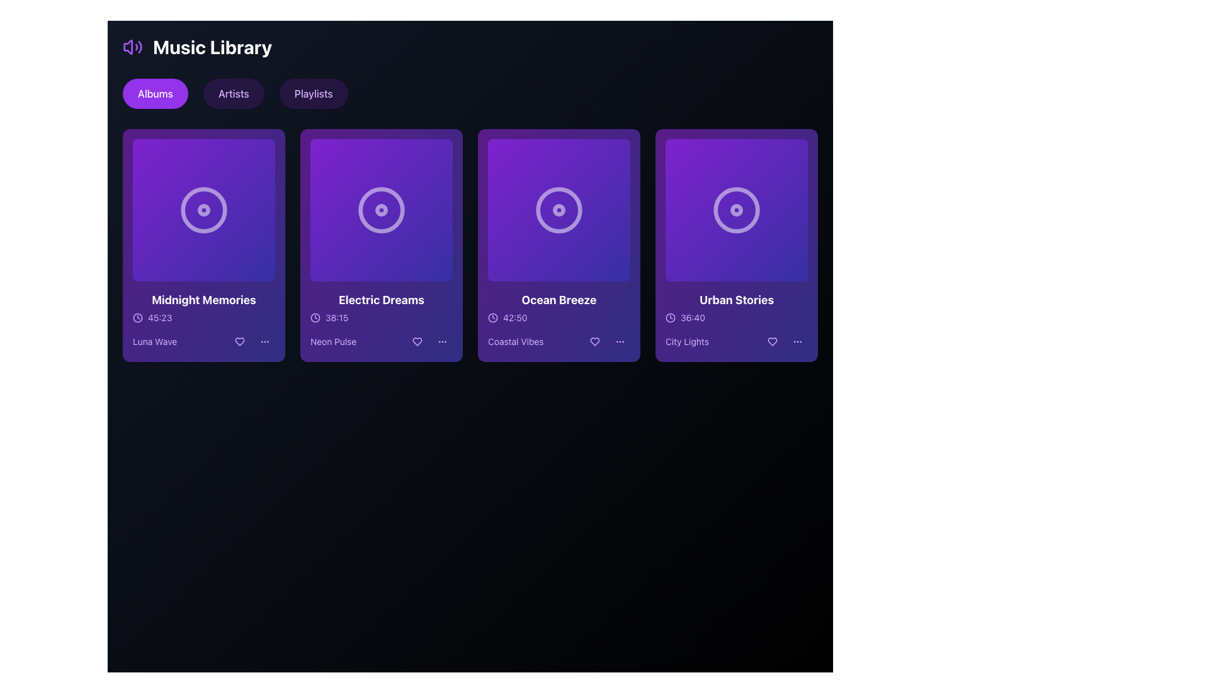  Describe the element at coordinates (239, 342) in the screenshot. I see `the heart icon located at the bottom-right section of the 'Midnight Memories' music card to mark or unmark it as a favorite` at that location.